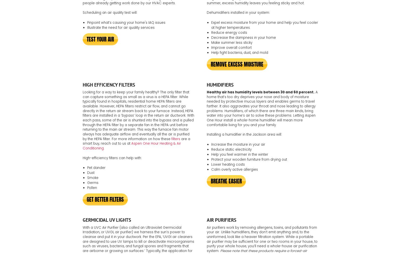 The image size is (401, 254). I want to click on 'Reduce static electricity', so click(231, 149).